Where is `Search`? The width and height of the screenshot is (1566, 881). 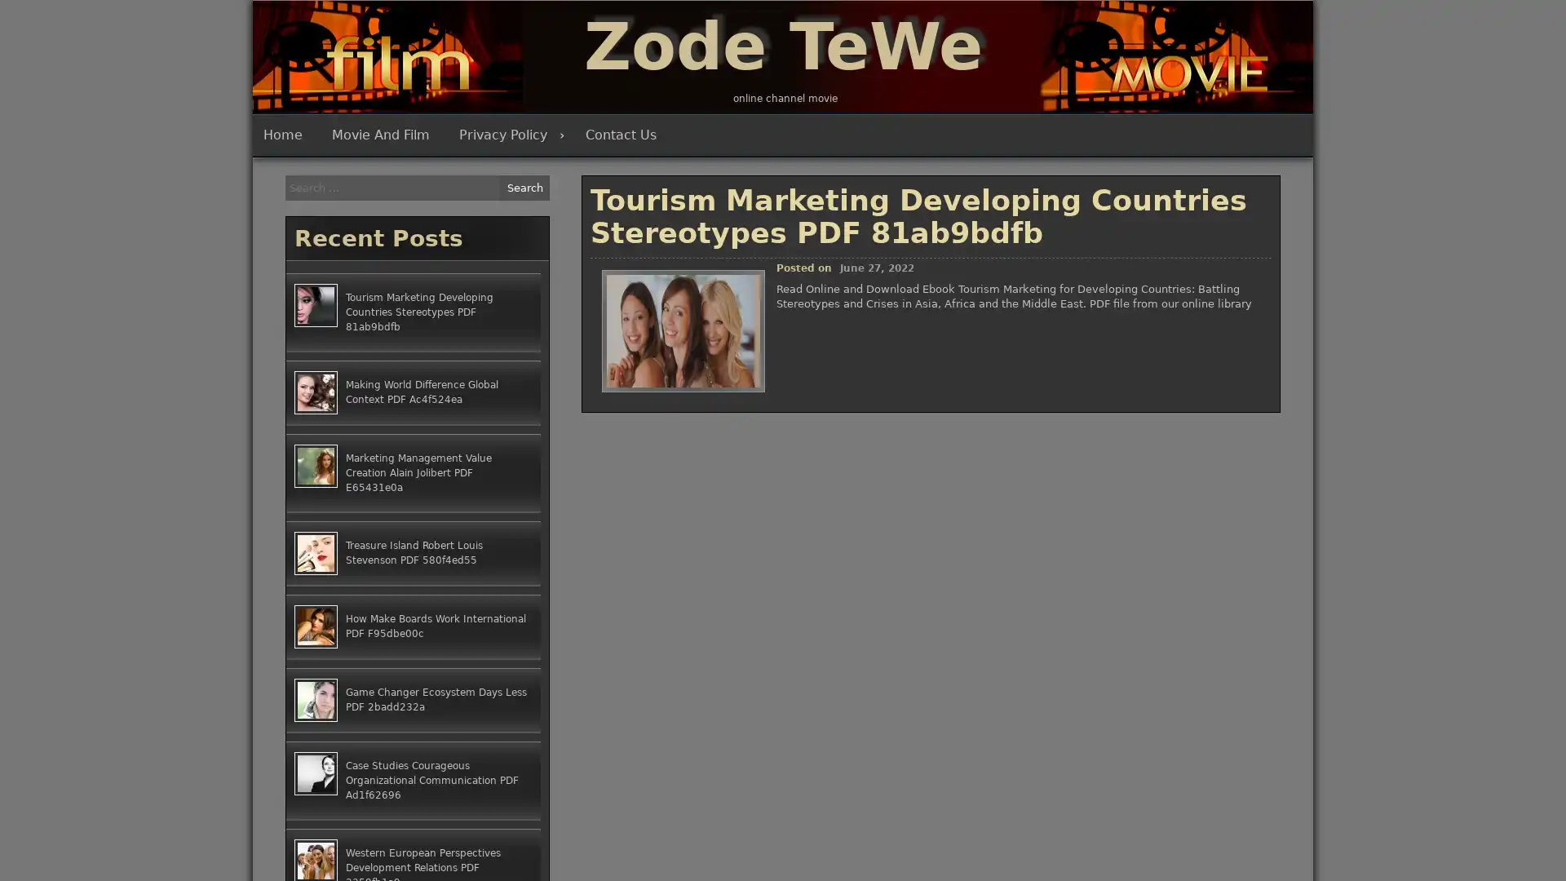 Search is located at coordinates (524, 187).